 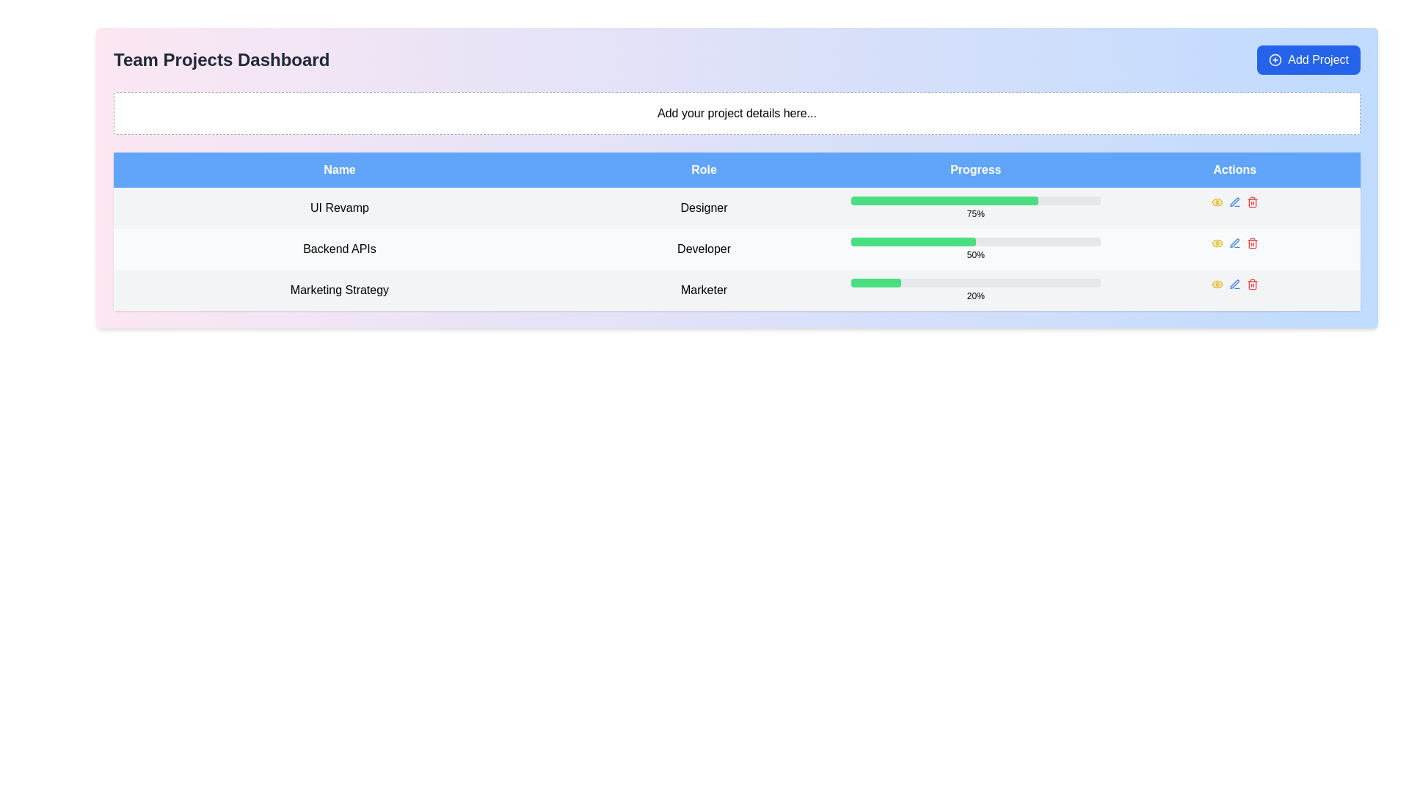 What do you see at coordinates (703, 169) in the screenshot?
I see `the 'Role' header label in the table, which is positioned between the 'Name' and 'Progress' headers` at bounding box center [703, 169].